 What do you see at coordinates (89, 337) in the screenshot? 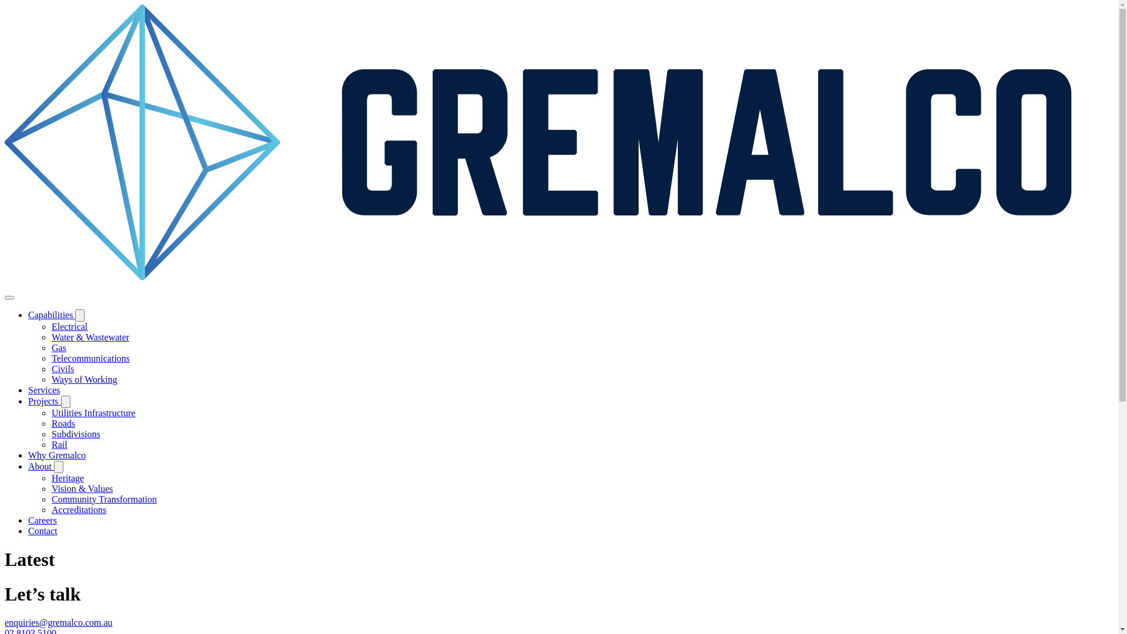
I see `'Water & Wastewater'` at bounding box center [89, 337].